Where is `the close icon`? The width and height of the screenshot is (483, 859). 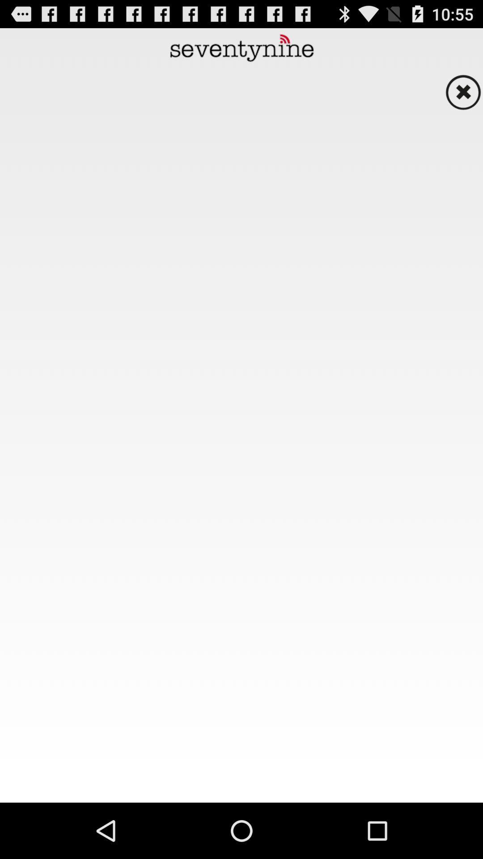 the close icon is located at coordinates (463, 99).